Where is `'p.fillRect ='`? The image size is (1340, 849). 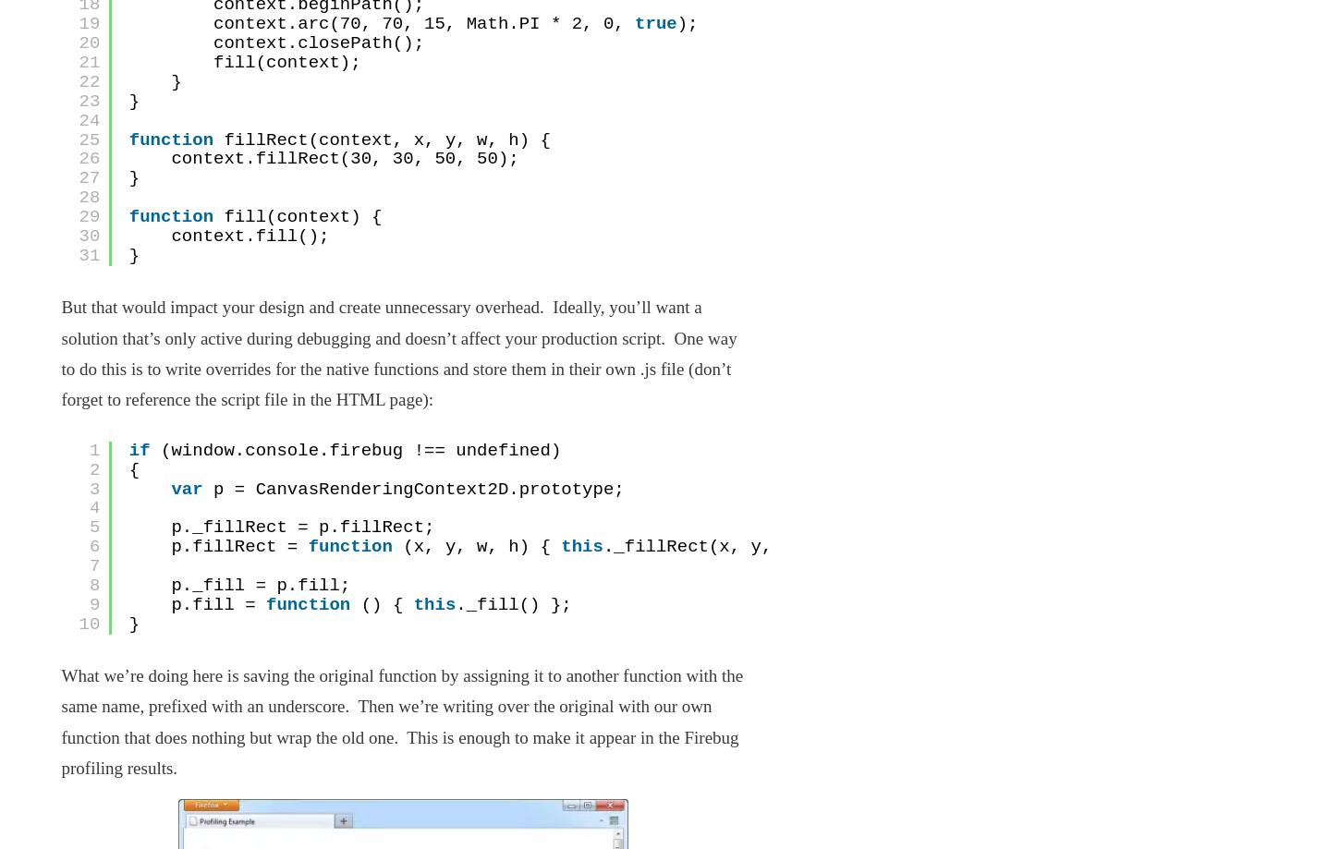 'p.fillRect =' is located at coordinates (238, 547).